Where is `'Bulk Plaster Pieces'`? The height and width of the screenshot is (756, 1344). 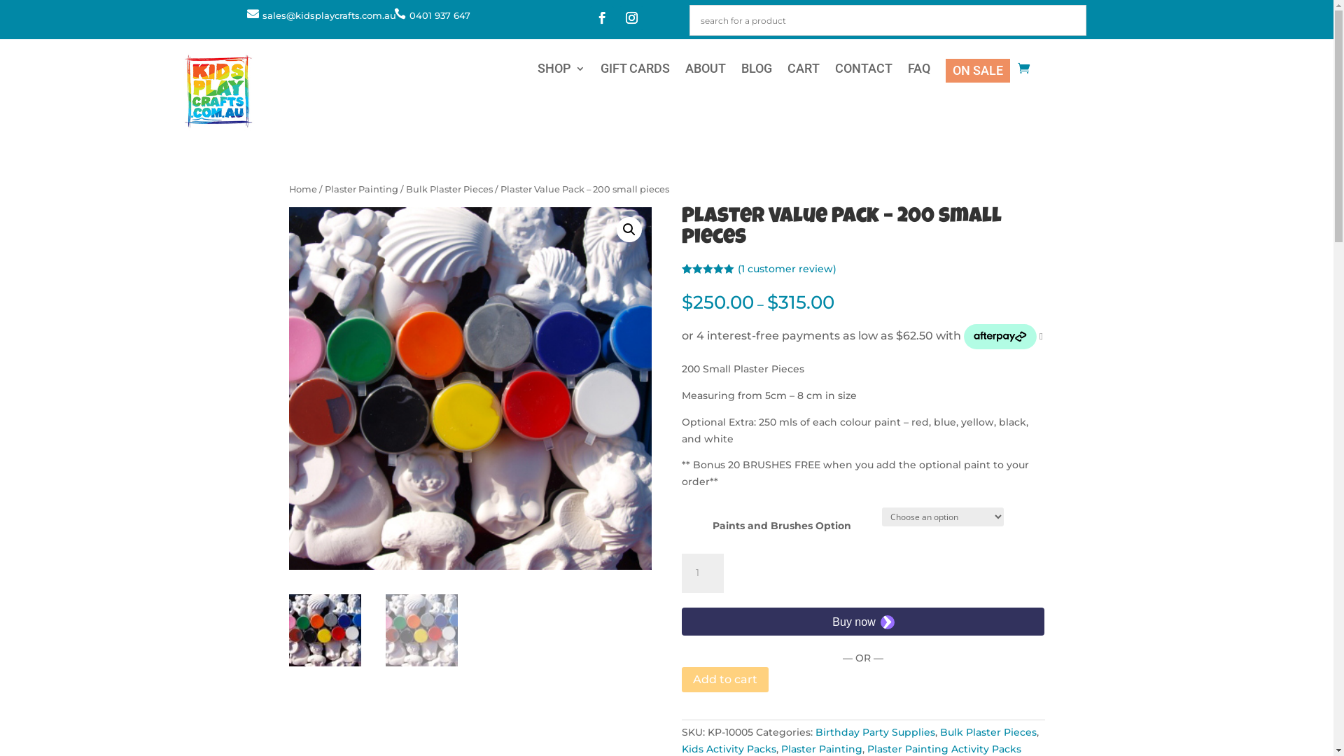 'Bulk Plaster Pieces' is located at coordinates (987, 731).